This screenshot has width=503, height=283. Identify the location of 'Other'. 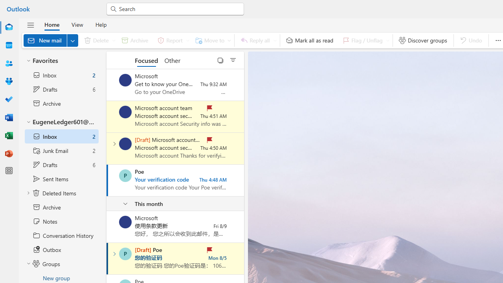
(172, 60).